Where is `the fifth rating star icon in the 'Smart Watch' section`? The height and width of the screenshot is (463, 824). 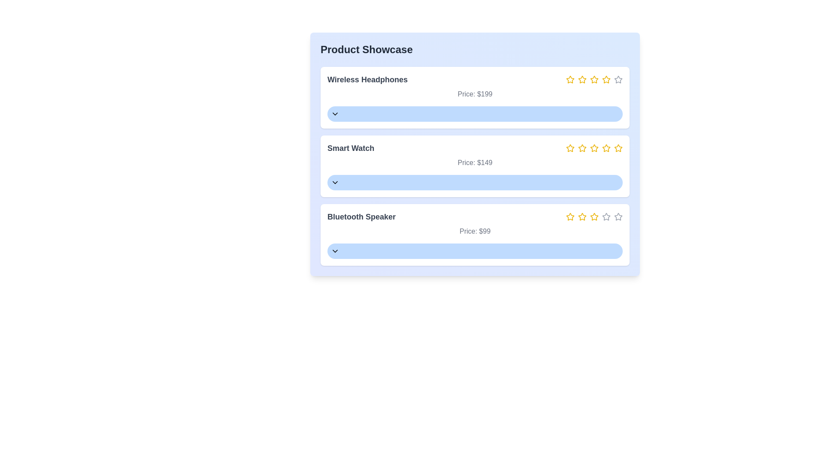
the fifth rating star icon in the 'Smart Watch' section is located at coordinates (618, 147).